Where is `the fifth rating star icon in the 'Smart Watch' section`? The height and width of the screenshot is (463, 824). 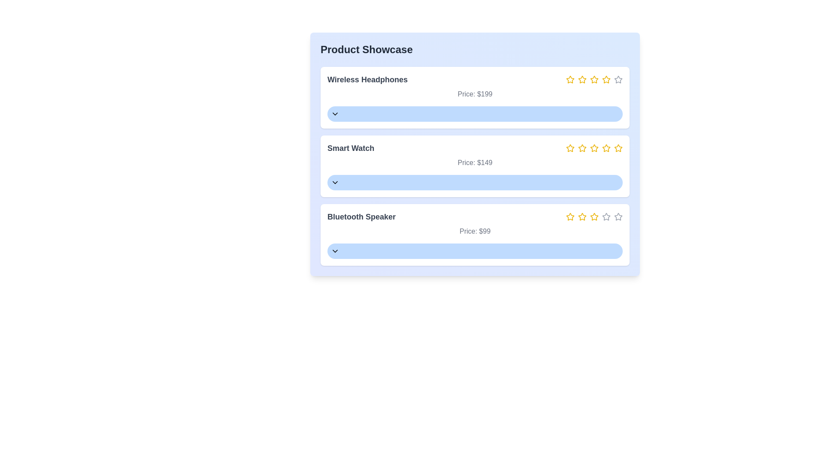
the fifth rating star icon in the 'Smart Watch' section is located at coordinates (618, 147).